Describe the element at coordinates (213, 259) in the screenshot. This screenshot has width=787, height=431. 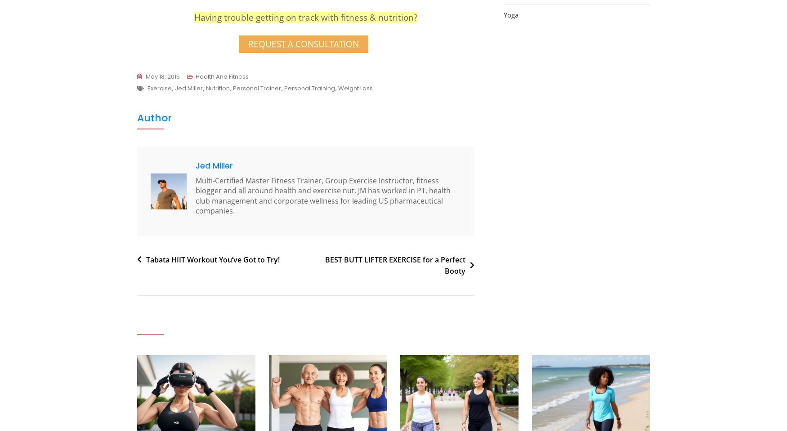
I see `'Tabata HIIT Workout You’ve Got to Try!'` at that location.